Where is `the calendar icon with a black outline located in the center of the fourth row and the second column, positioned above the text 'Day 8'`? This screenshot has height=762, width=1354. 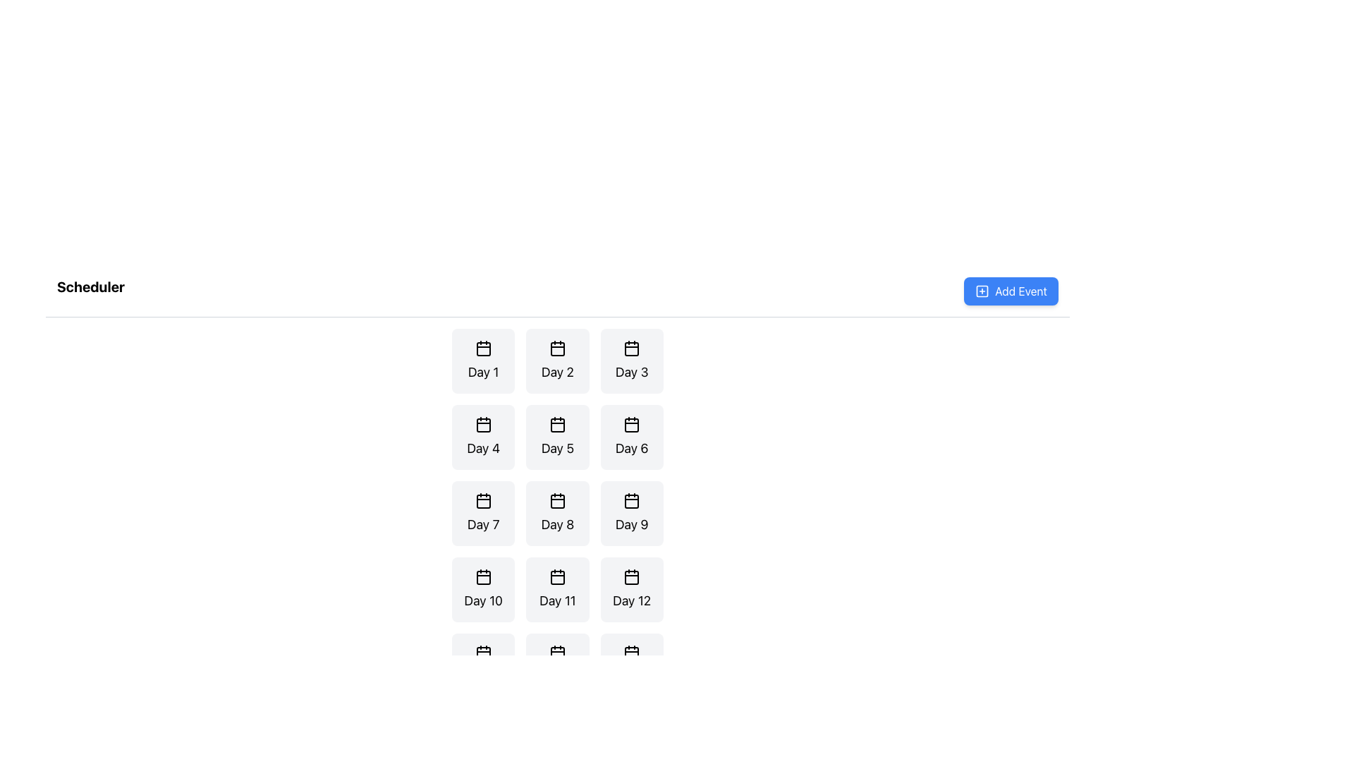 the calendar icon with a black outline located in the center of the fourth row and the second column, positioned above the text 'Day 8' is located at coordinates (557, 500).